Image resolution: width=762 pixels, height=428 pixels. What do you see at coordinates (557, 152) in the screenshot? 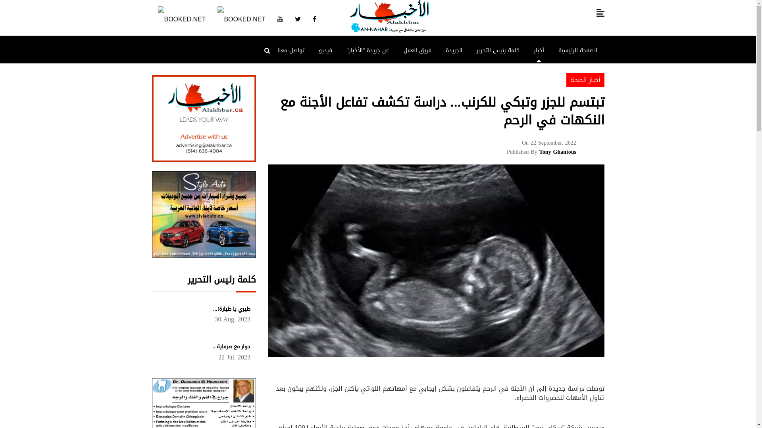
I see `'Tony Ghantous'` at bounding box center [557, 152].